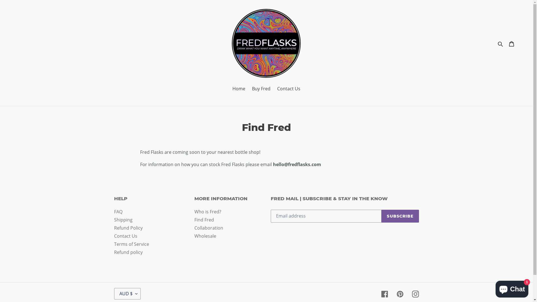  Describe the element at coordinates (127, 293) in the screenshot. I see `'AUD $'` at that location.